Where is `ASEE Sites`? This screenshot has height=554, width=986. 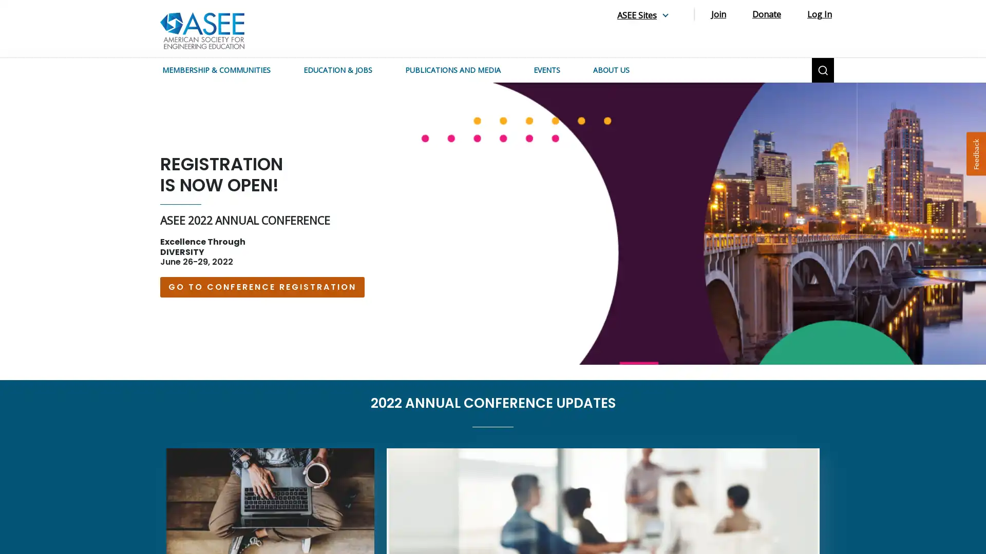
ASEE Sites is located at coordinates (644, 15).